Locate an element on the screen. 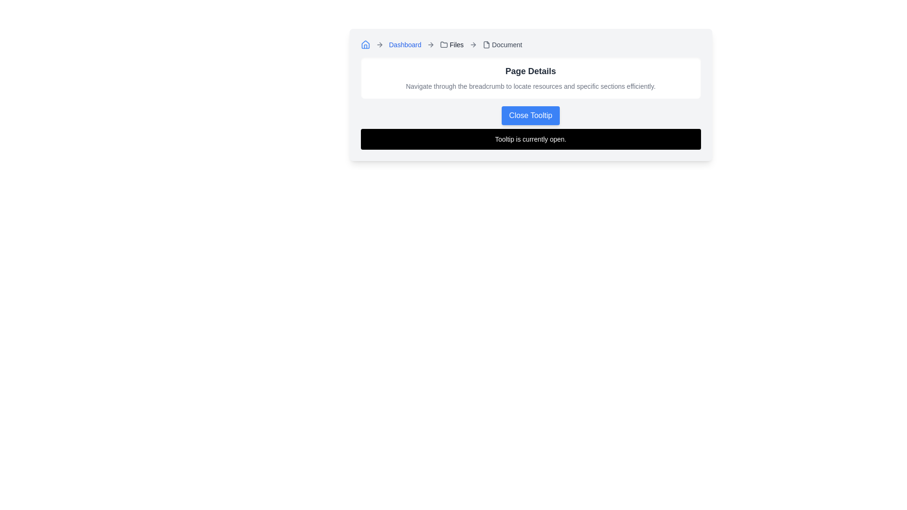  text of the 'Files' label, which is a small, medium-weight sans-serif text located in the breadcrumb navigation under the folder icon is located at coordinates (456, 45).